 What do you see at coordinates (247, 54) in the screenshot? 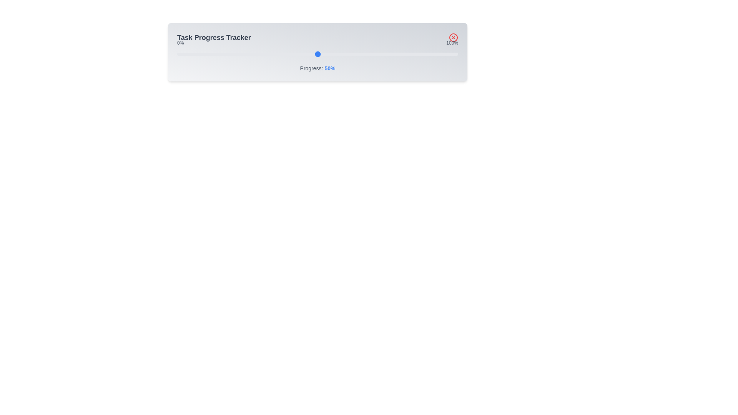
I see `the slider` at bounding box center [247, 54].